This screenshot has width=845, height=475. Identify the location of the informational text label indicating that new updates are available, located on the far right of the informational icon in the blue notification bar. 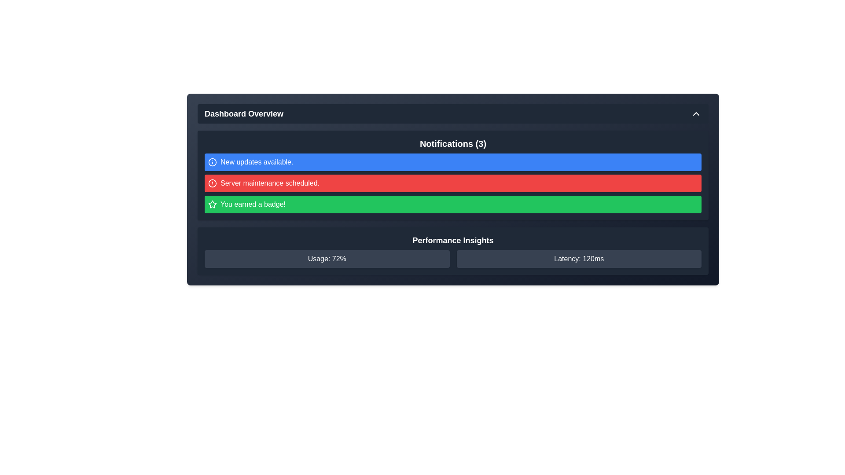
(256, 162).